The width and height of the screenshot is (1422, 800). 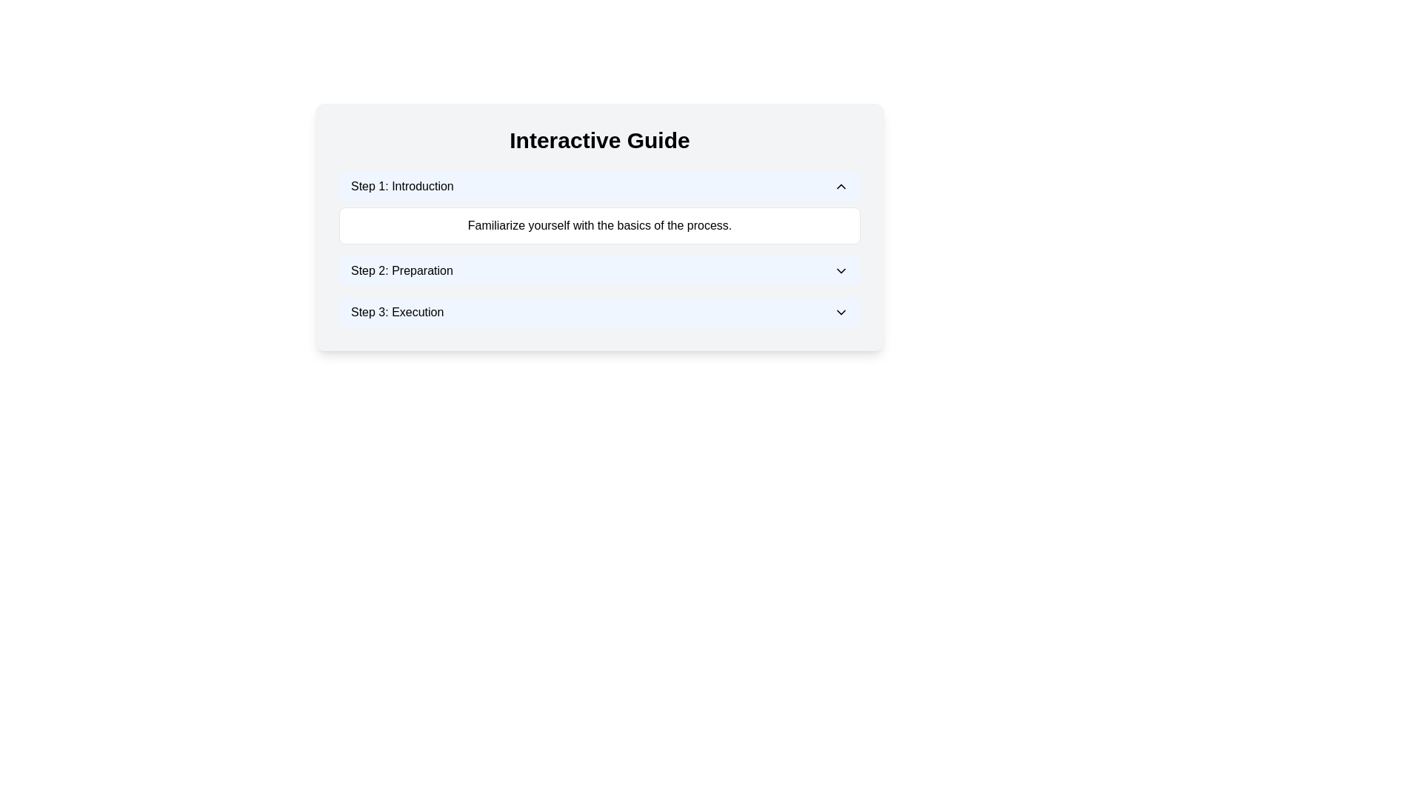 What do you see at coordinates (600, 208) in the screenshot?
I see `the first section in the interactive guide, which includes a dropdown toggle for additional information` at bounding box center [600, 208].